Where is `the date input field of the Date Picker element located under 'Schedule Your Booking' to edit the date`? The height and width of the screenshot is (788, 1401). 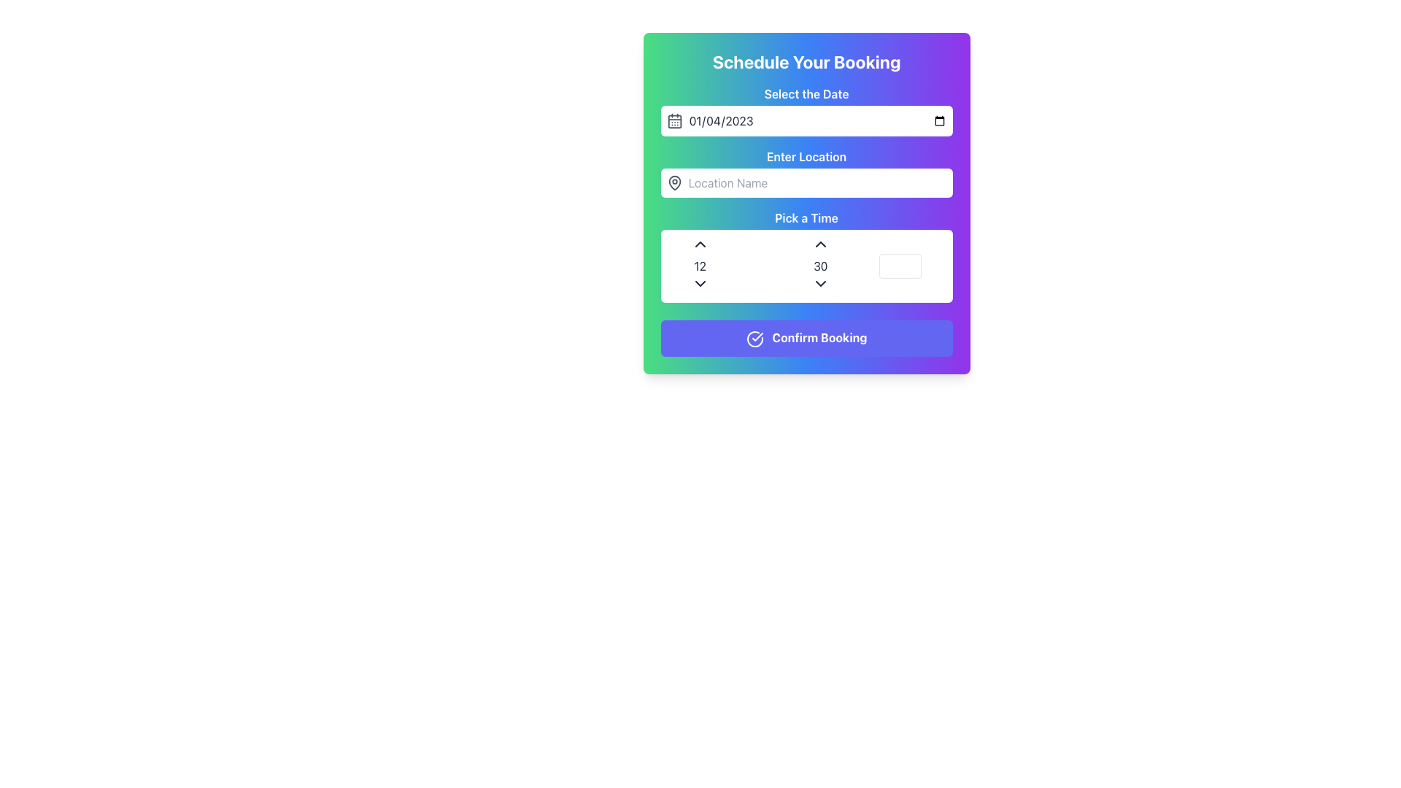
the date input field of the Date Picker element located under 'Schedule Your Booking' to edit the date is located at coordinates (806, 120).